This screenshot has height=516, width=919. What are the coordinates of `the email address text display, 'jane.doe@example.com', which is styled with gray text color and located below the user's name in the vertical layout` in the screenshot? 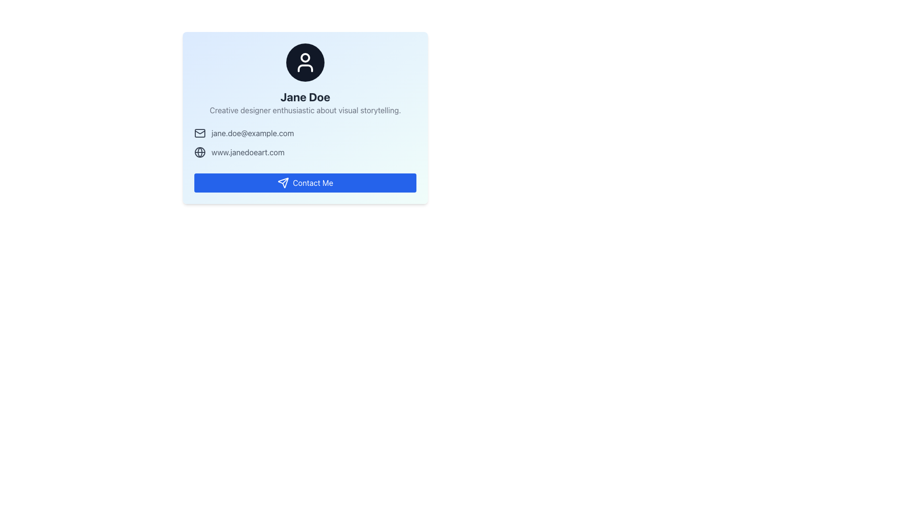 It's located at (253, 133).